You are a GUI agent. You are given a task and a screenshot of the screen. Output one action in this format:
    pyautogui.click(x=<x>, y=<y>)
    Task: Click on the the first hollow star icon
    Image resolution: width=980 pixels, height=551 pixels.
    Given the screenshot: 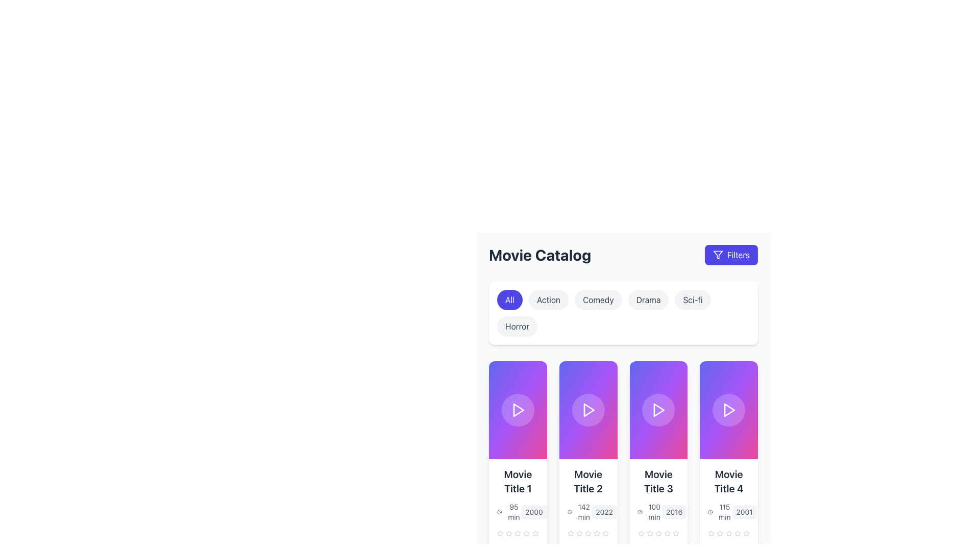 What is the action you would take?
    pyautogui.click(x=641, y=533)
    